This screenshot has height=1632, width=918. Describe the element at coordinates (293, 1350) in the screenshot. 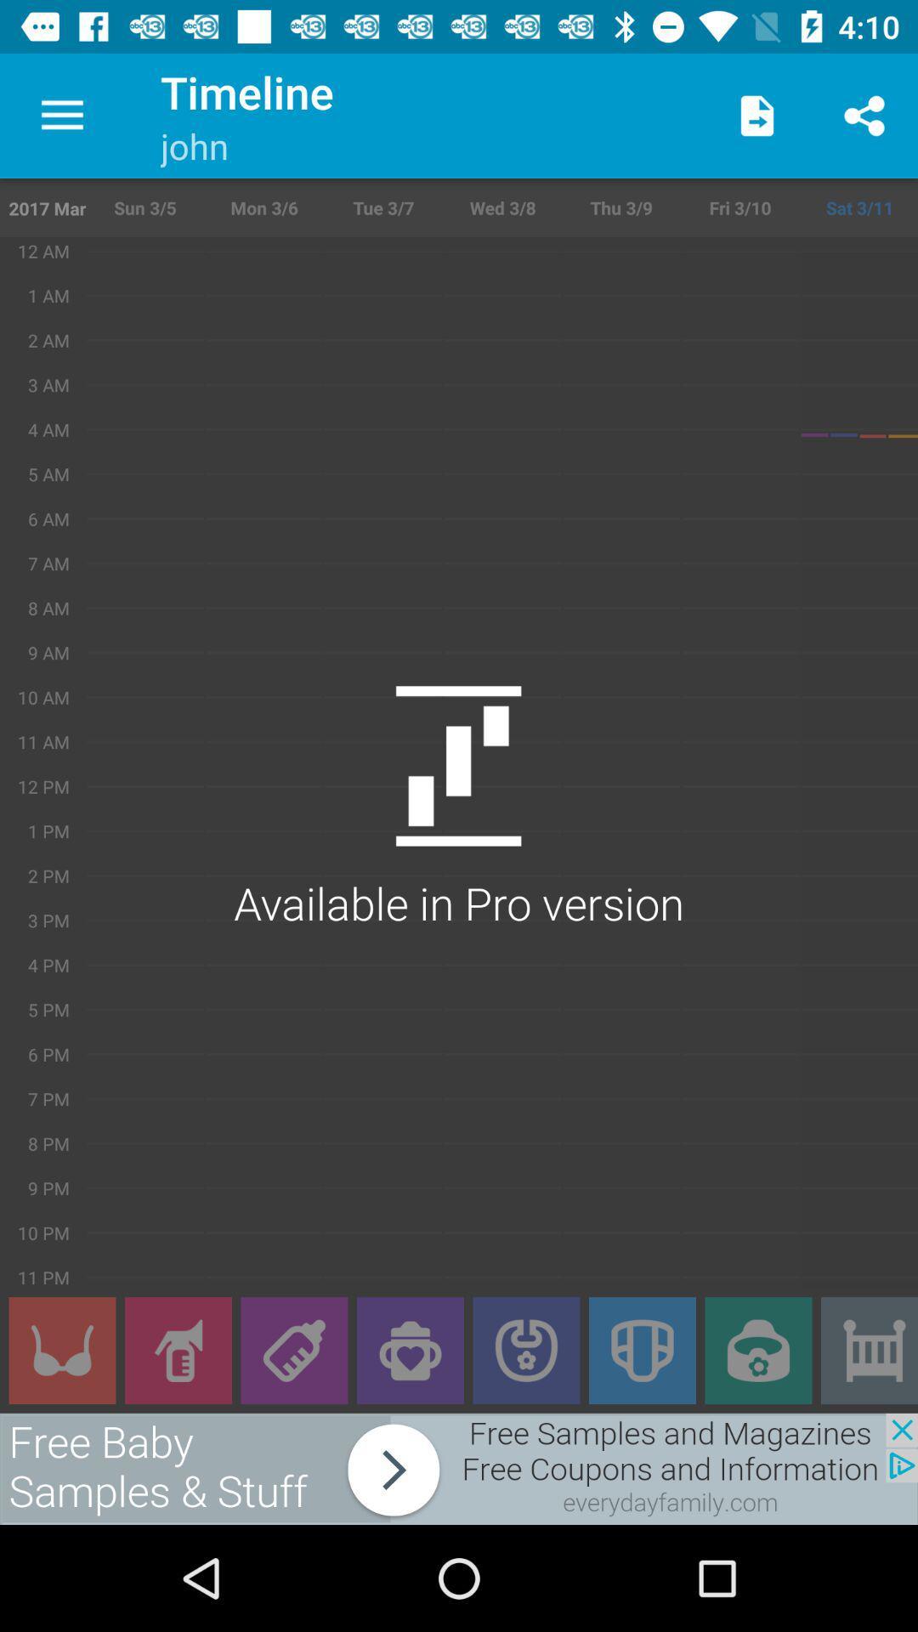

I see `open sub menu` at that location.